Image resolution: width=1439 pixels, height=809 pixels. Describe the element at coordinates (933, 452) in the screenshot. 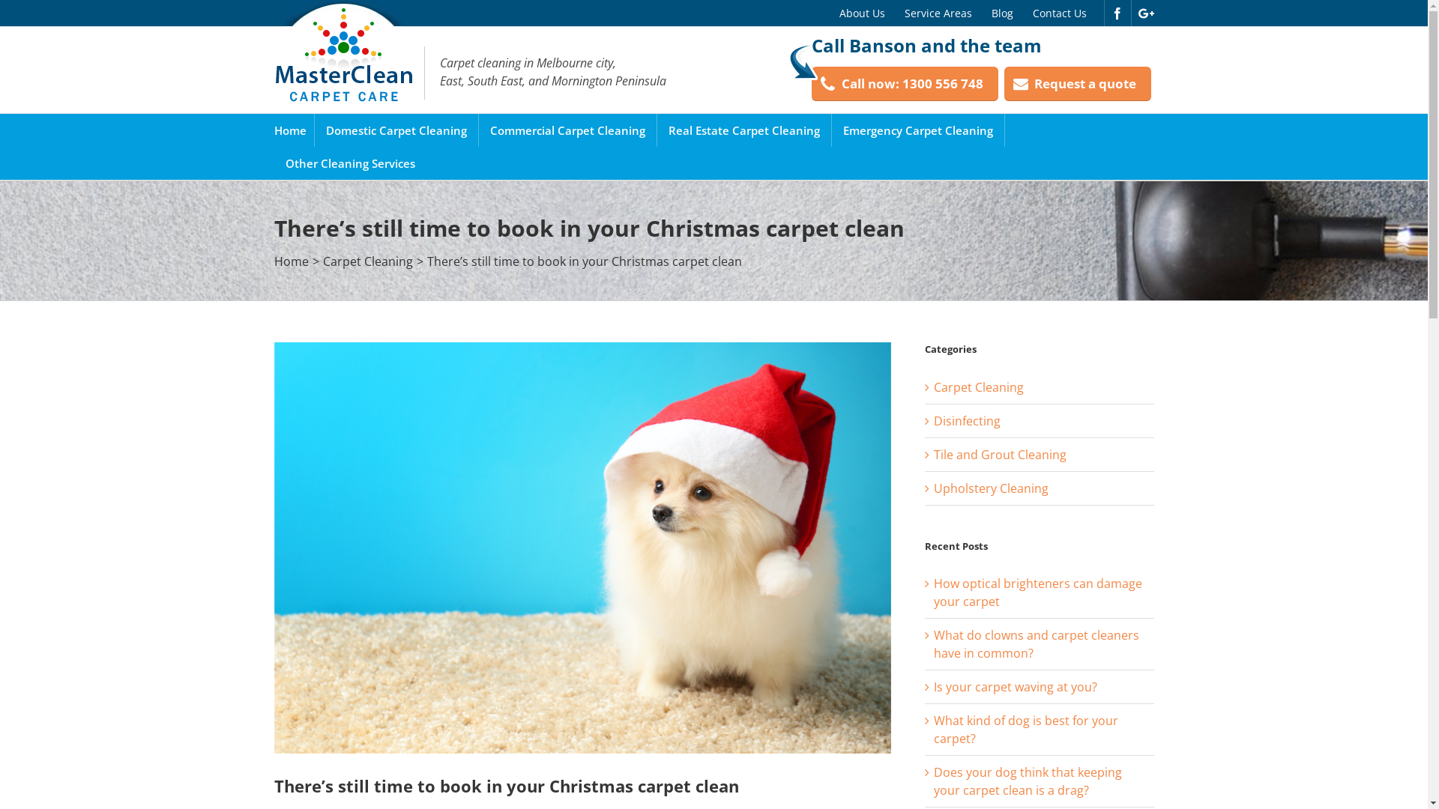

I see `'Tile and Grout Cleaning'` at that location.